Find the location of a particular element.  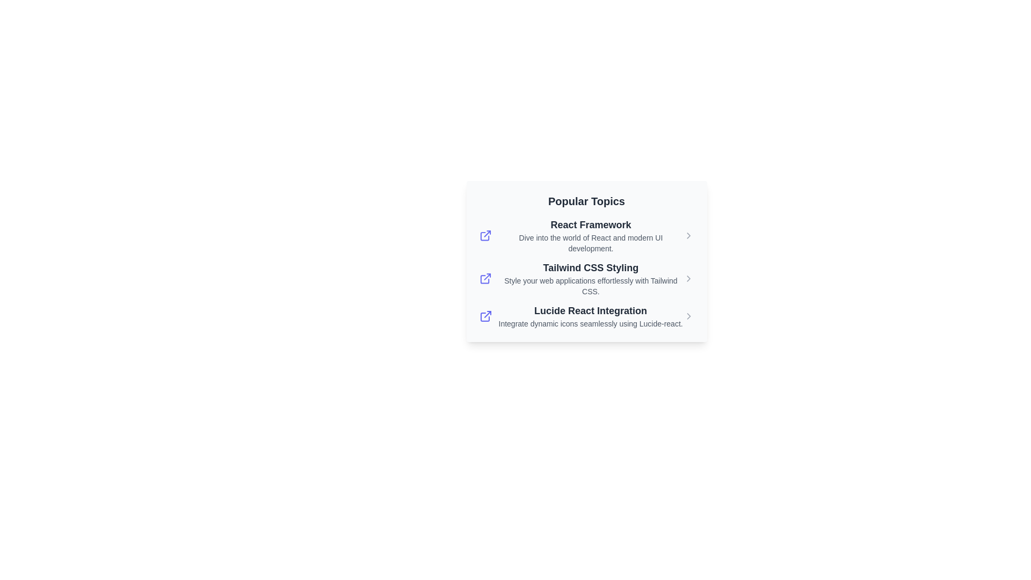

the text label stating 'Integrate dynamic icons seamlessly using Lucide-react.' which is styled in small, gray text and positioned below the 'Popular Topics' section in the 'Lucide React Integration' grouping is located at coordinates (590, 323).